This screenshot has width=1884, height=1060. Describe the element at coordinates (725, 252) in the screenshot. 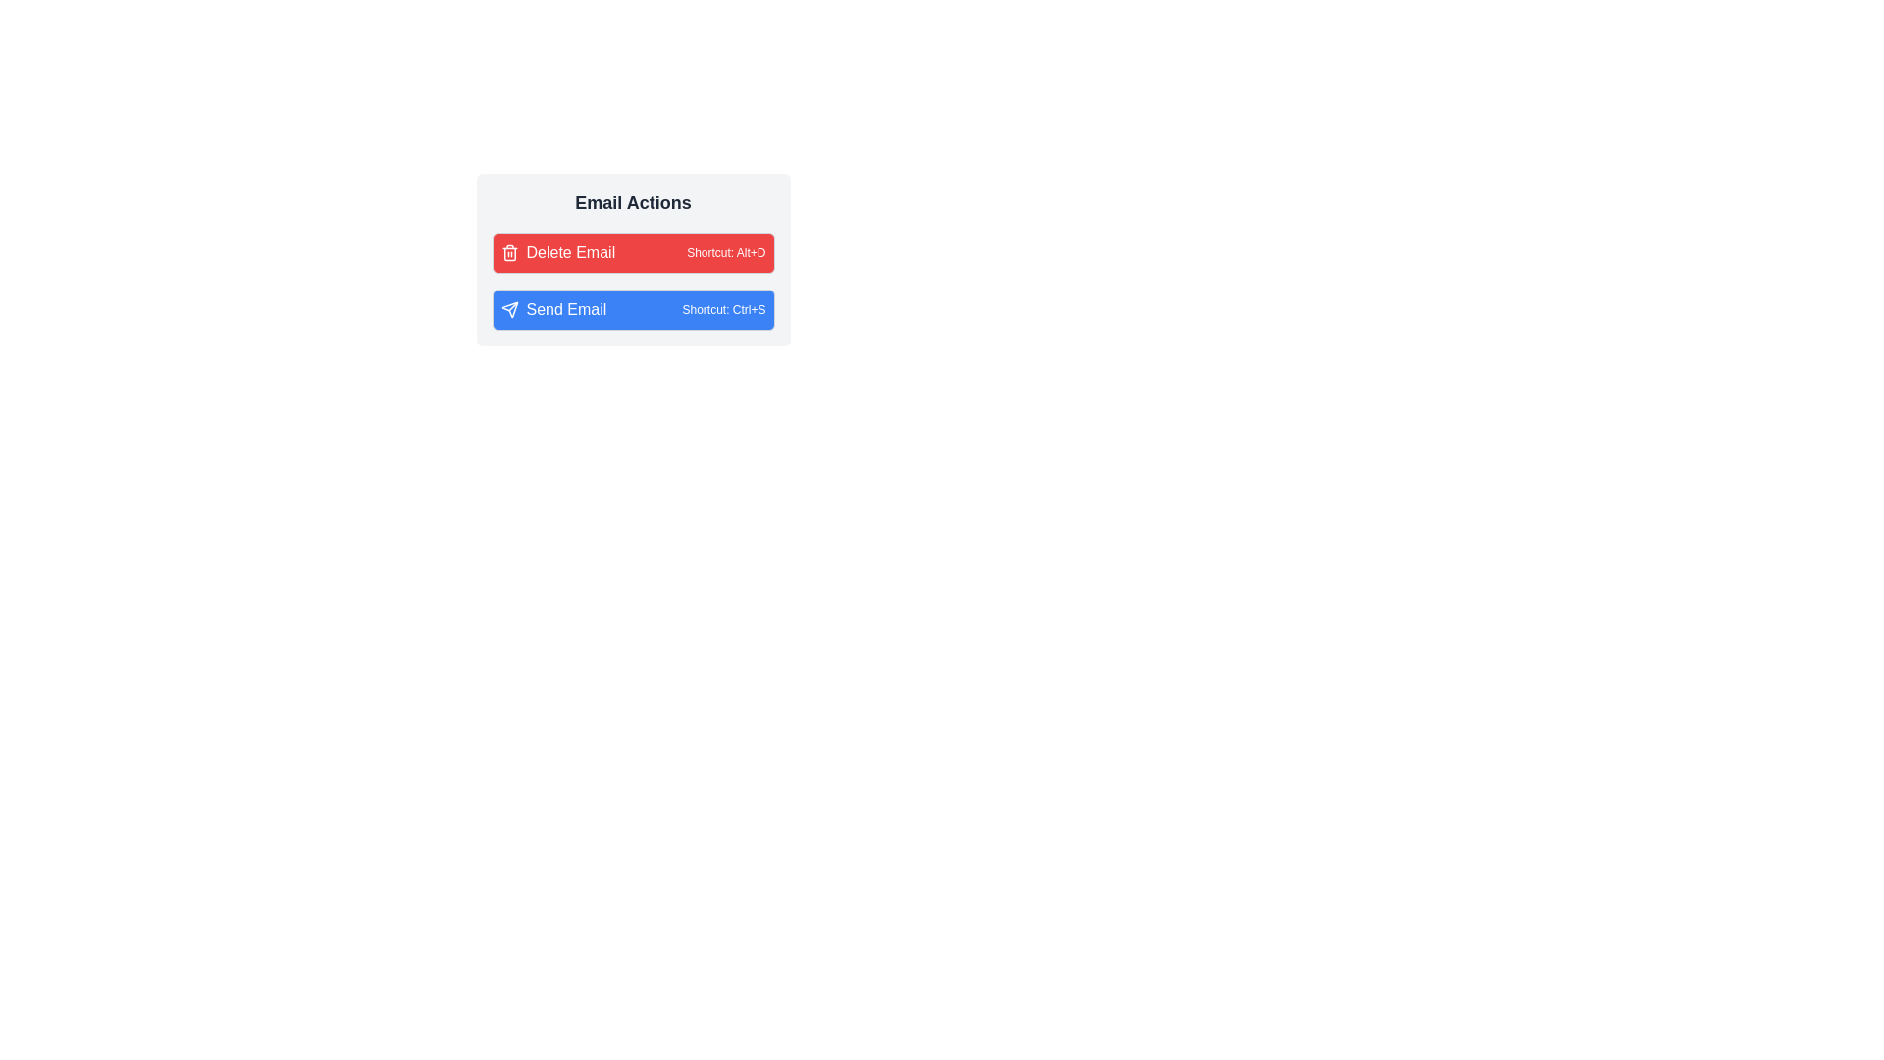

I see `the text label displaying the shortcut key 'Alt+D' which is styled in white text on a red background, positioned at the far-right end of the 'Delete Email' button in the 'Email Actions' panel` at that location.